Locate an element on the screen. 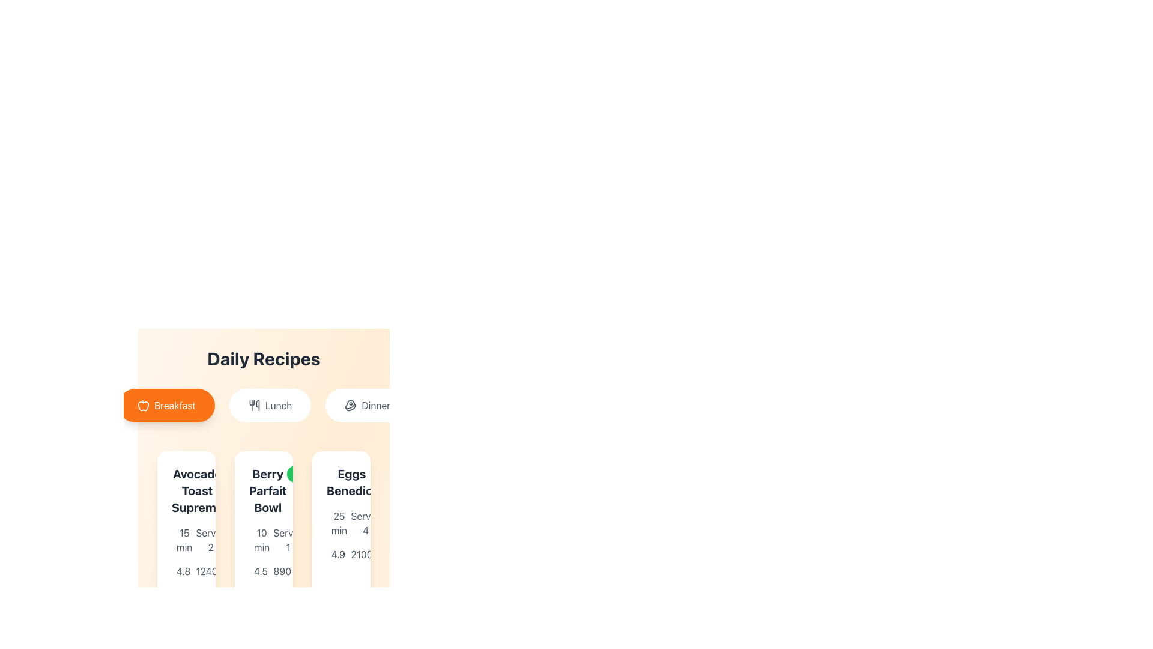 This screenshot has width=1153, height=649. the static text with icon that indicates the preparation or cooking time for the 'Berry Parfait Bowl' recipe, located in the middle column of the recipe cards, under the heading and above the rating information is located at coordinates (263, 552).